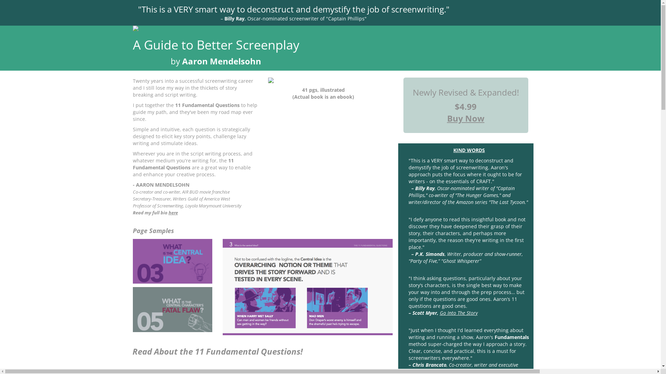 The height and width of the screenshot is (374, 666). Describe the element at coordinates (168, 212) in the screenshot. I see `'here'` at that location.